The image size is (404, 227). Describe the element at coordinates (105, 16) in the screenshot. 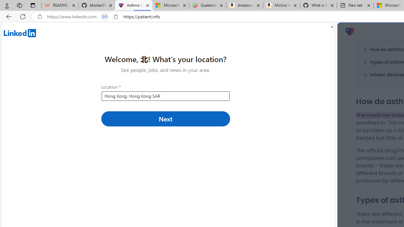

I see `'Tabs in split screen'` at that location.